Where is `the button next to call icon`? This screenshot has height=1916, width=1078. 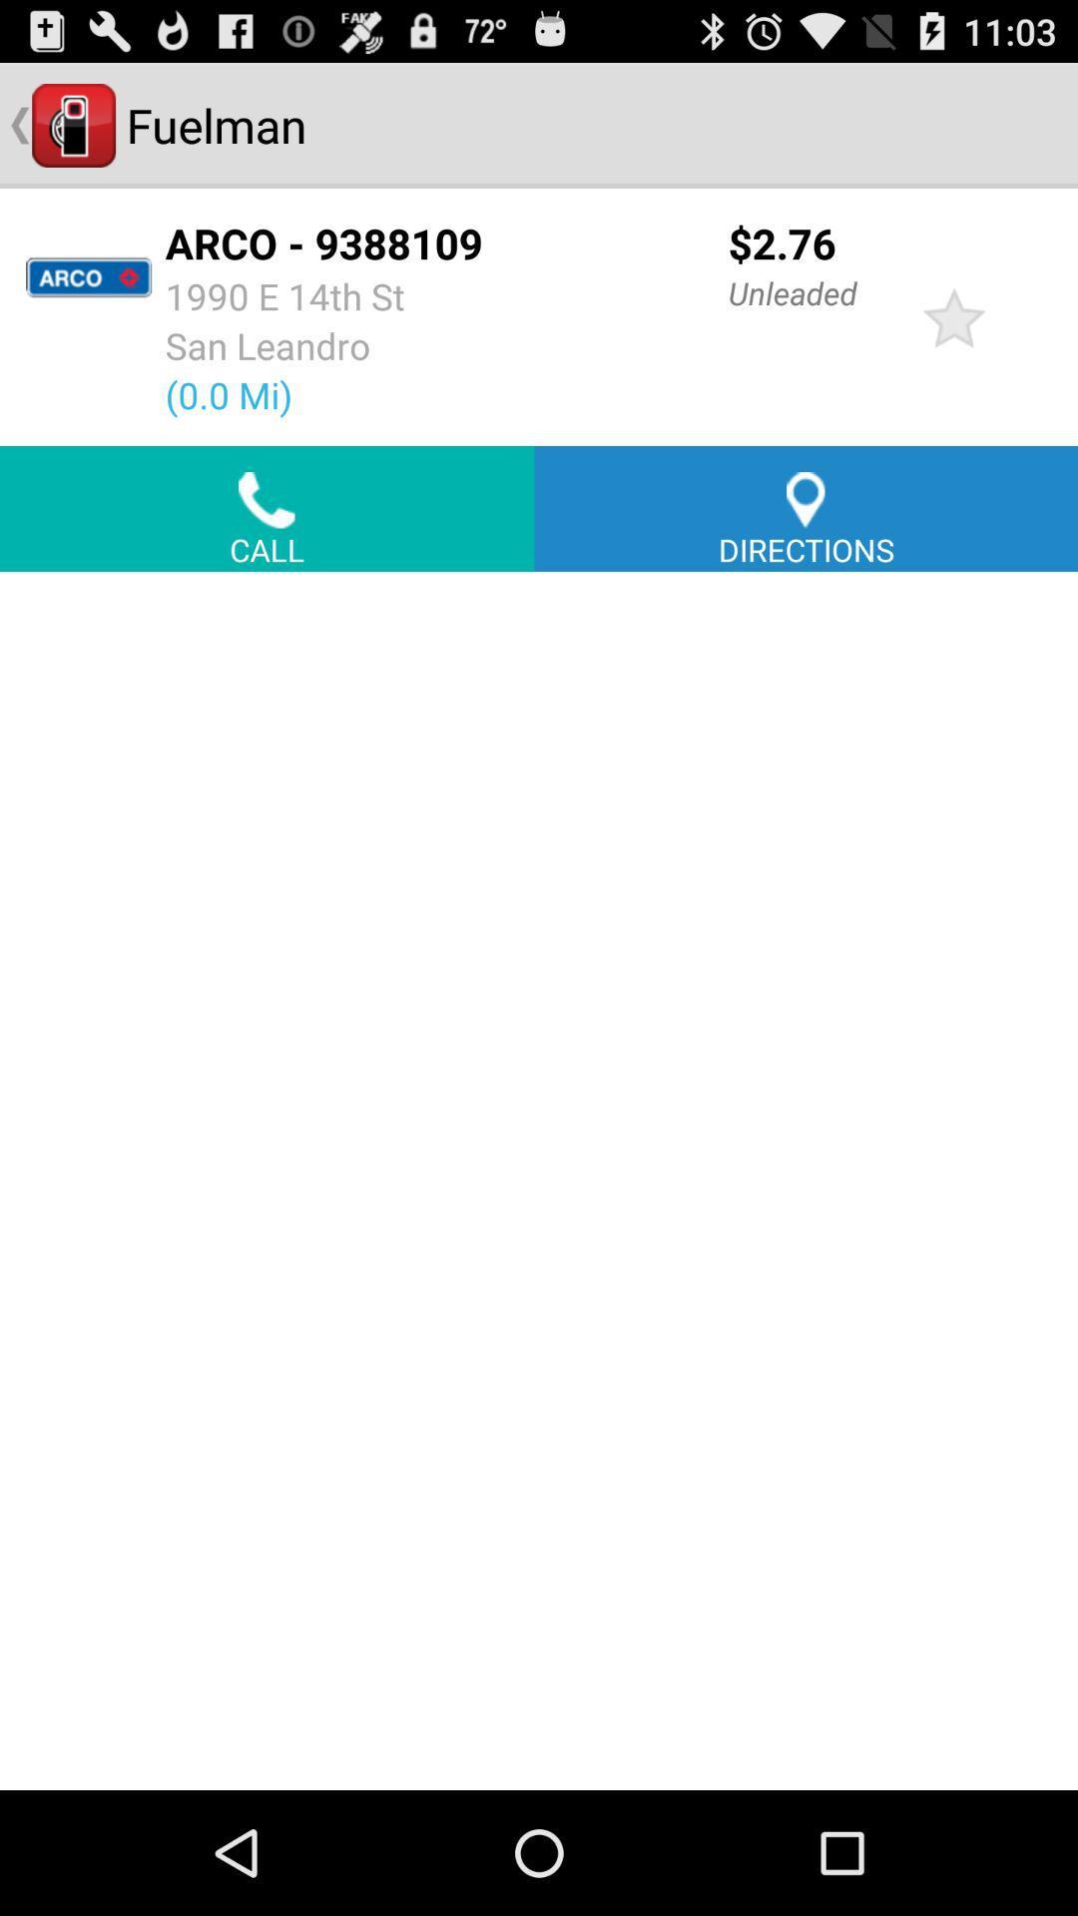 the button next to call icon is located at coordinates (805, 508).